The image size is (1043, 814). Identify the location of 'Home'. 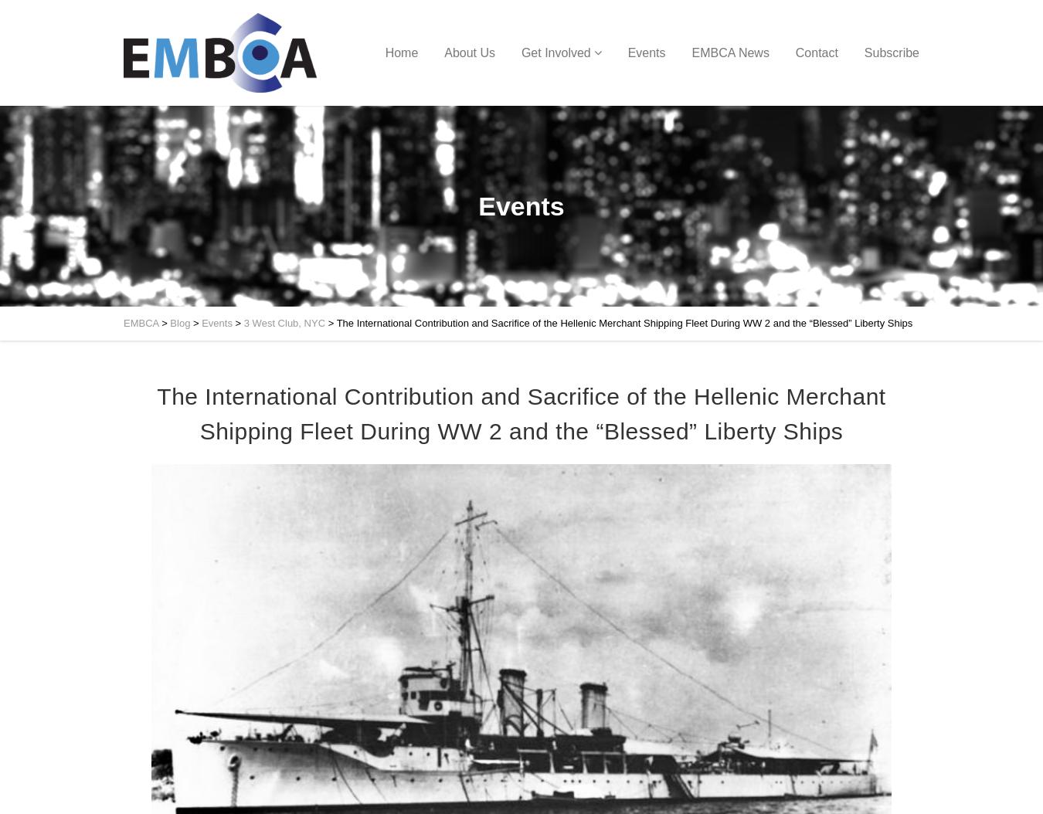
(400, 52).